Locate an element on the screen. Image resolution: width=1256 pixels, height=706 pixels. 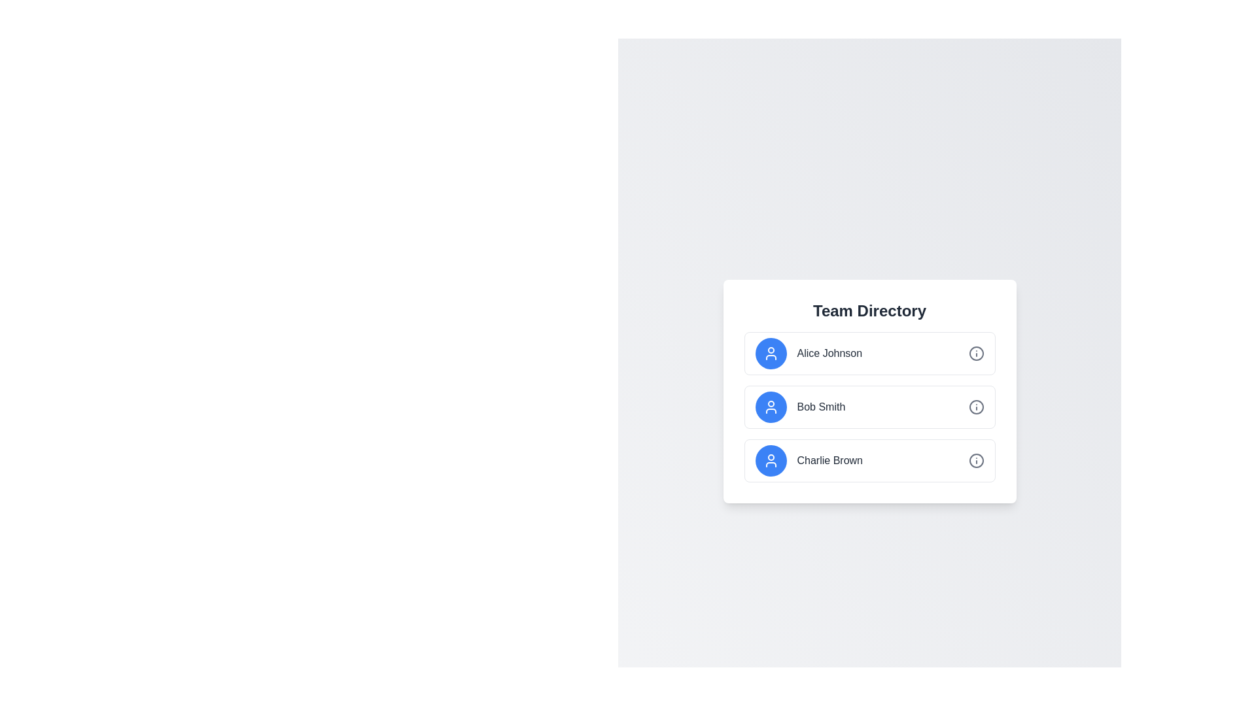
the user profile icon for 'Charlie Brown' in the 'Team Directory', which is the third item in the list is located at coordinates (771, 460).